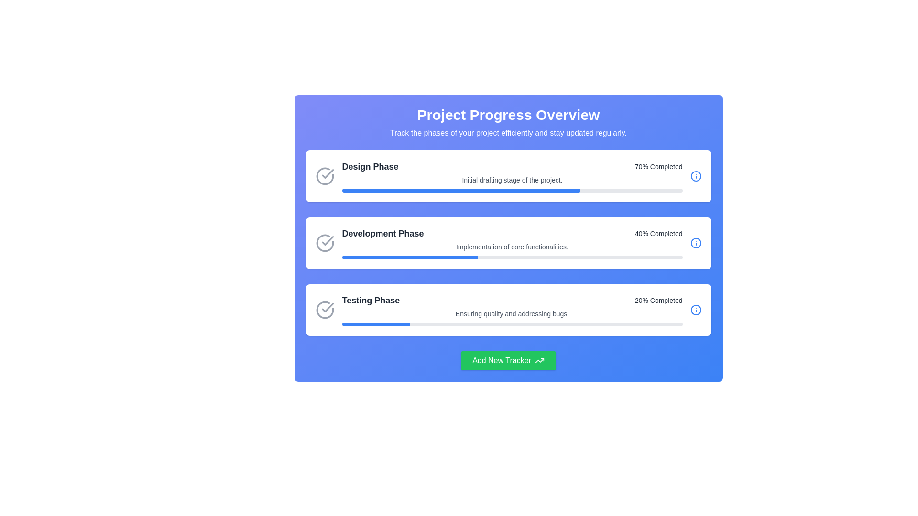 This screenshot has width=918, height=516. I want to click on the horizontal progress bar segment that represents 40% progress under the 'Development Phase' section, so click(410, 257).